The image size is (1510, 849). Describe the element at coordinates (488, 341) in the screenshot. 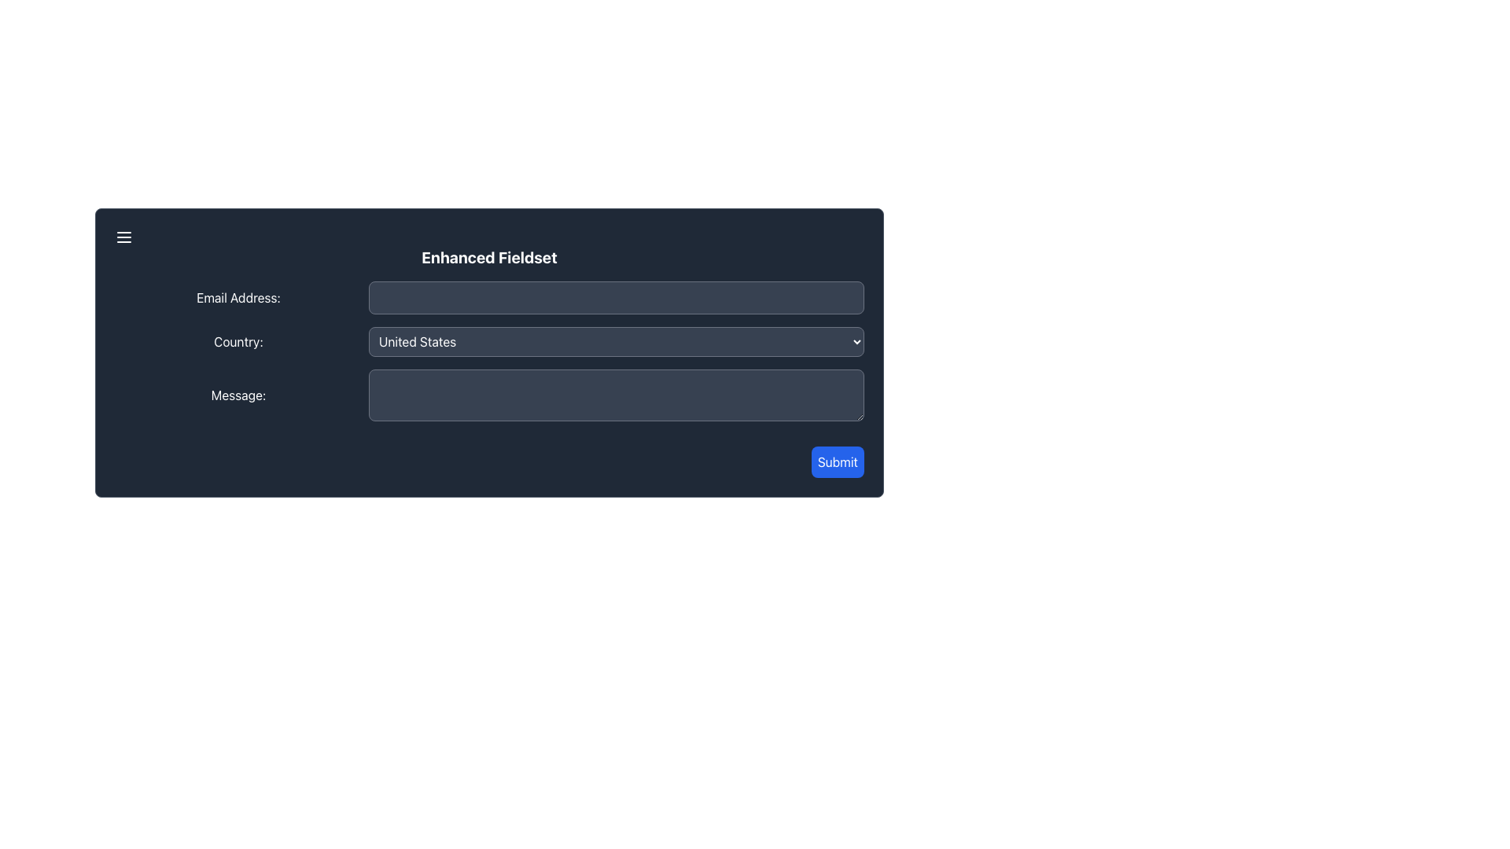

I see `the dropdown menu for selecting a country, which is centrally positioned following the 'Email Address:' section and before the 'Message:' section` at that location.